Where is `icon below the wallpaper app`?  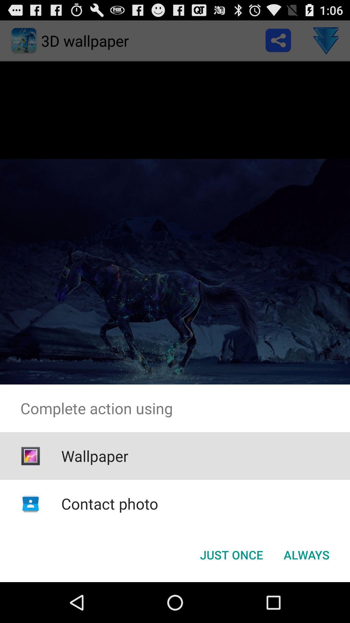
icon below the wallpaper app is located at coordinates (109, 503).